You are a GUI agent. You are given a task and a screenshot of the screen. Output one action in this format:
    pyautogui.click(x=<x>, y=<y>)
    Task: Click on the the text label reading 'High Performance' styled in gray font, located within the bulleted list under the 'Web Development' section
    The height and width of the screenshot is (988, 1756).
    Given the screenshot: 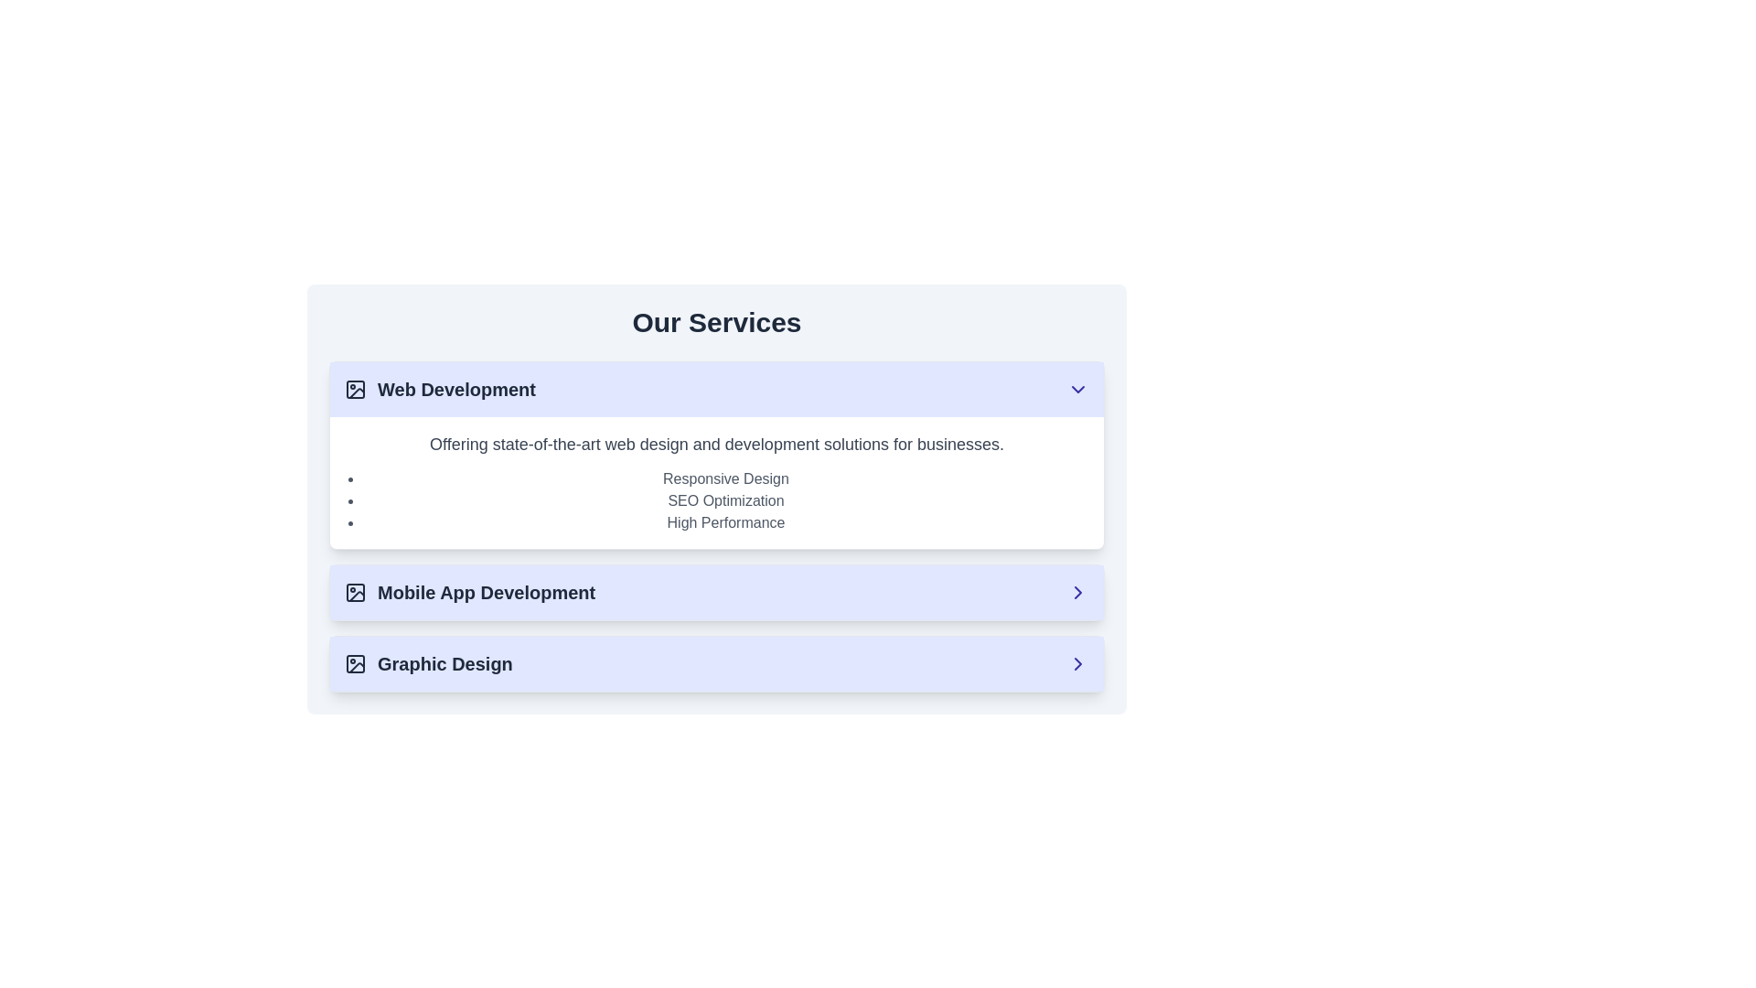 What is the action you would take?
    pyautogui.click(x=724, y=522)
    